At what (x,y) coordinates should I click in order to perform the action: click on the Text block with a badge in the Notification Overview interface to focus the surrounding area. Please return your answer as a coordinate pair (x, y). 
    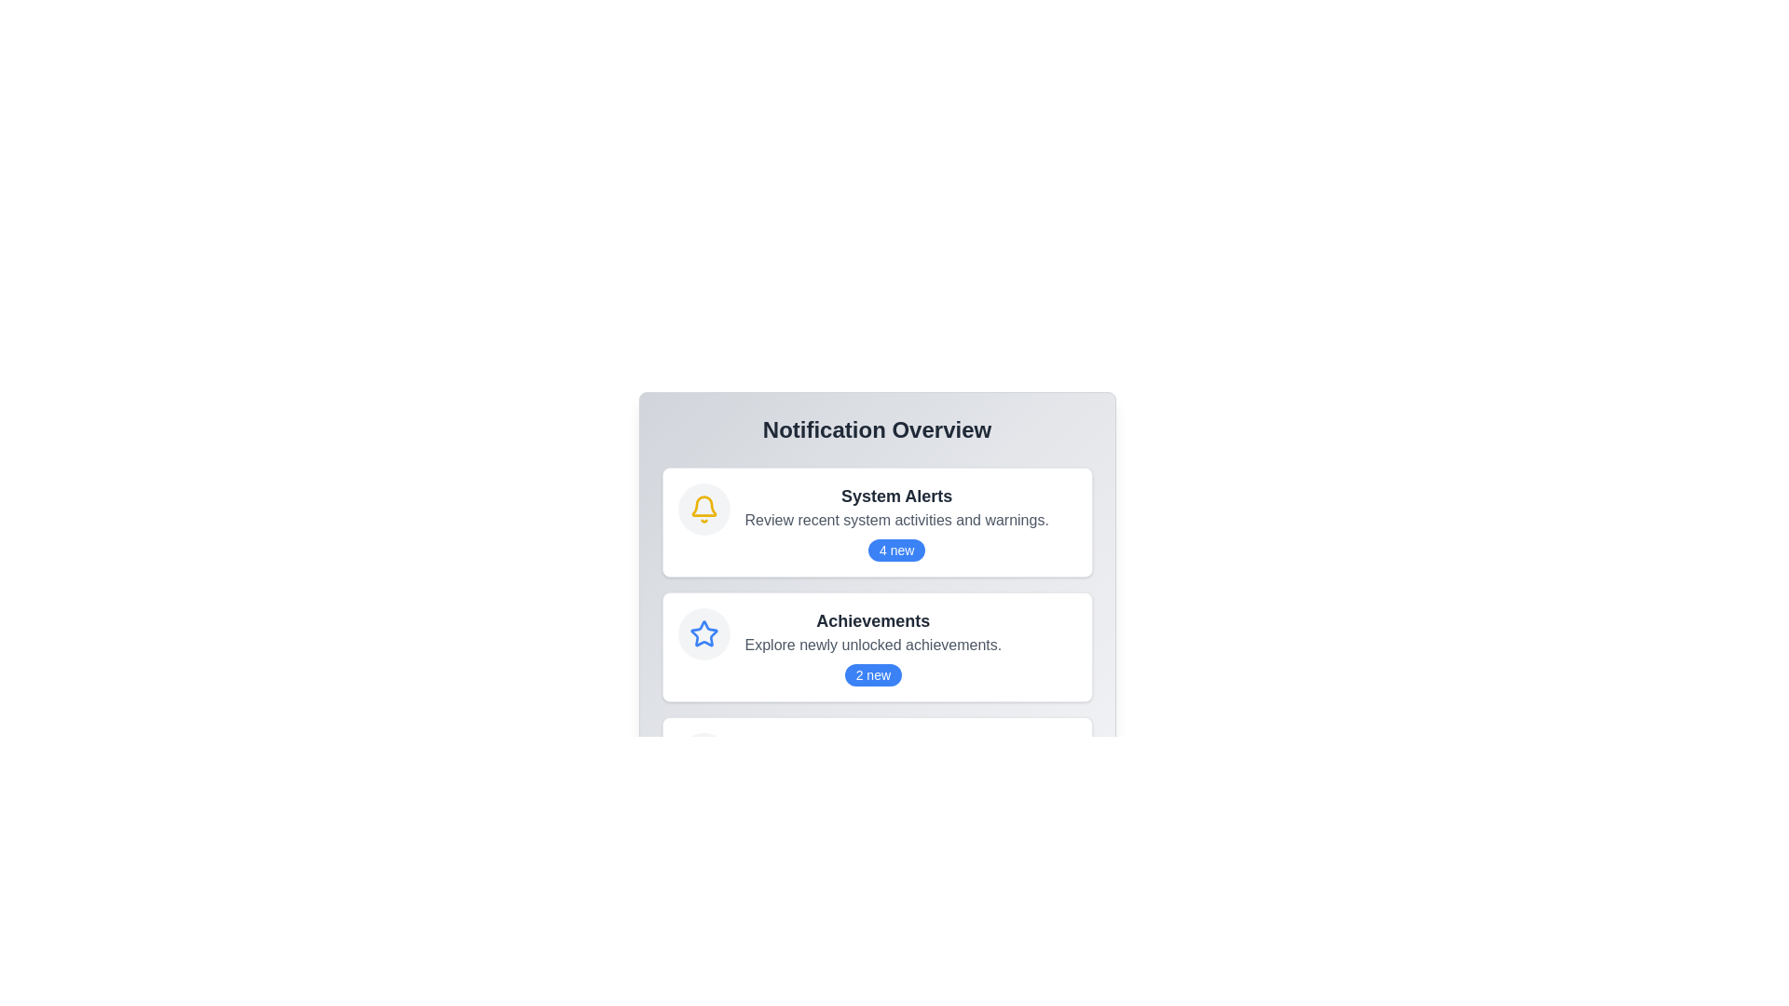
    Looking at the image, I should click on (896, 522).